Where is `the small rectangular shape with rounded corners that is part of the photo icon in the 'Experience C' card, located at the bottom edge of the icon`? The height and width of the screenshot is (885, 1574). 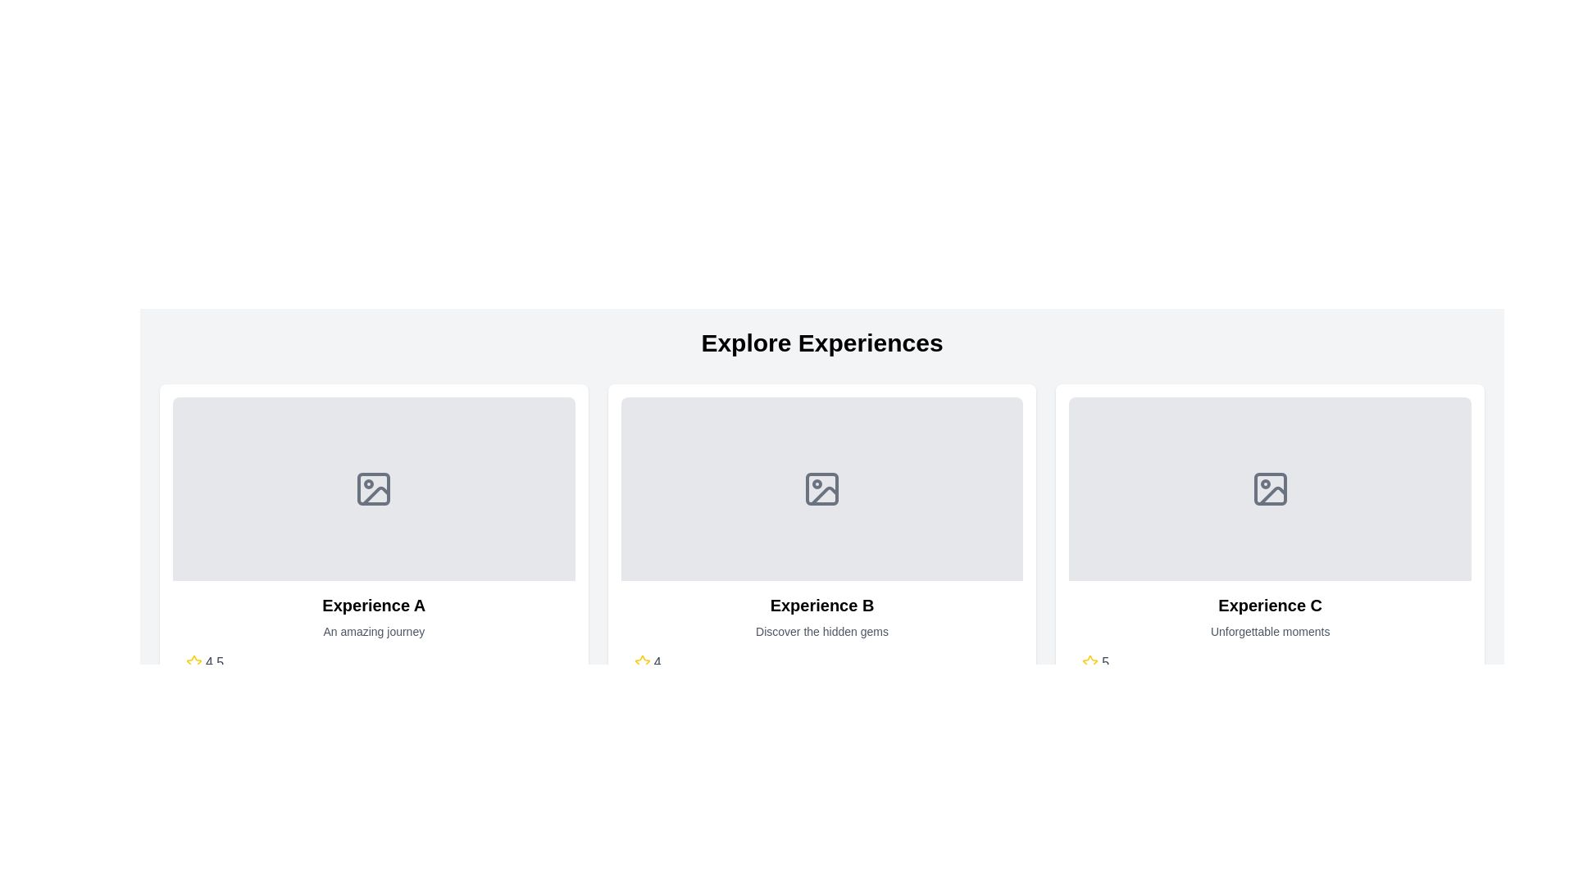 the small rectangular shape with rounded corners that is part of the photo icon in the 'Experience C' card, located at the bottom edge of the icon is located at coordinates (1269, 488).